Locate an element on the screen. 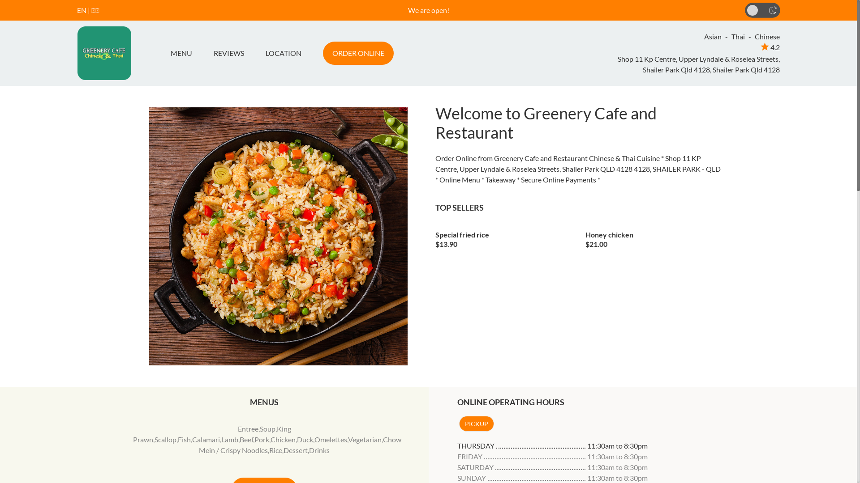 Image resolution: width=860 pixels, height=483 pixels. 'Entree' is located at coordinates (248, 428).